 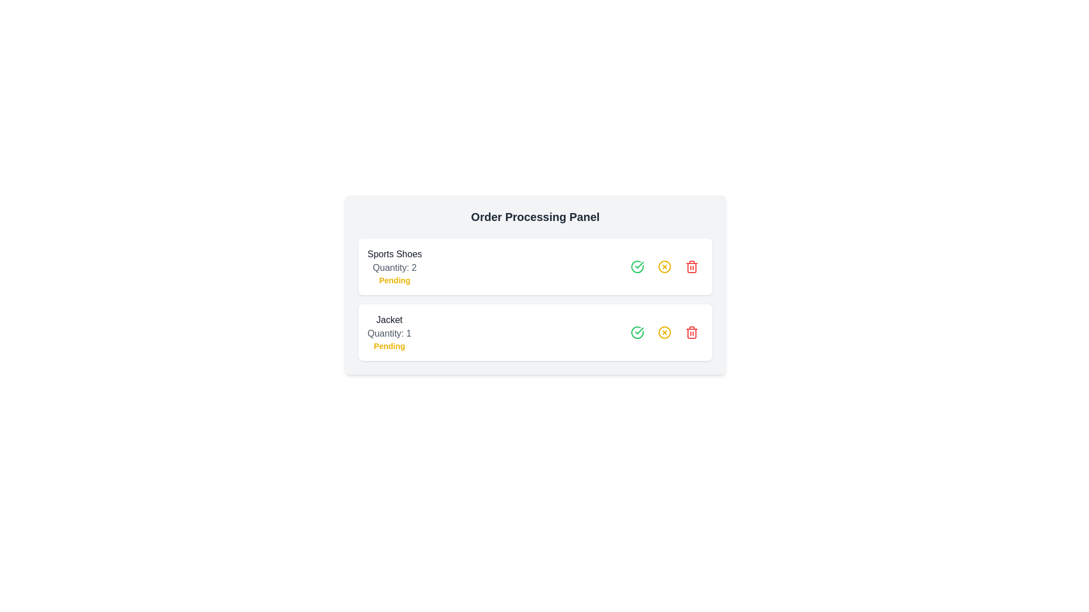 What do you see at coordinates (389, 320) in the screenshot?
I see `text label identifying the item type as 'Jacket' in the order processing panel, specifically the lower entry of two items` at bounding box center [389, 320].